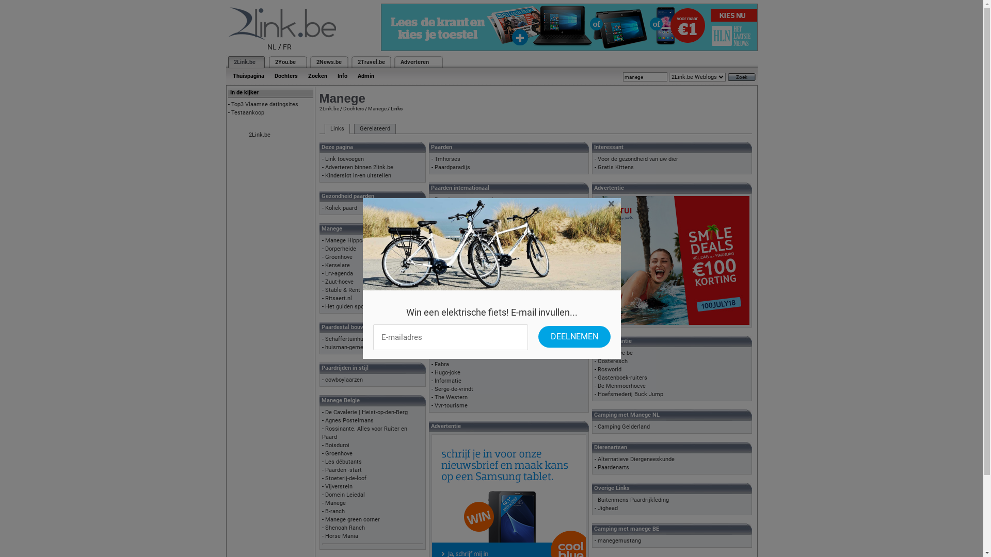  What do you see at coordinates (345, 240) in the screenshot?
I see `'Manege Hippos'` at bounding box center [345, 240].